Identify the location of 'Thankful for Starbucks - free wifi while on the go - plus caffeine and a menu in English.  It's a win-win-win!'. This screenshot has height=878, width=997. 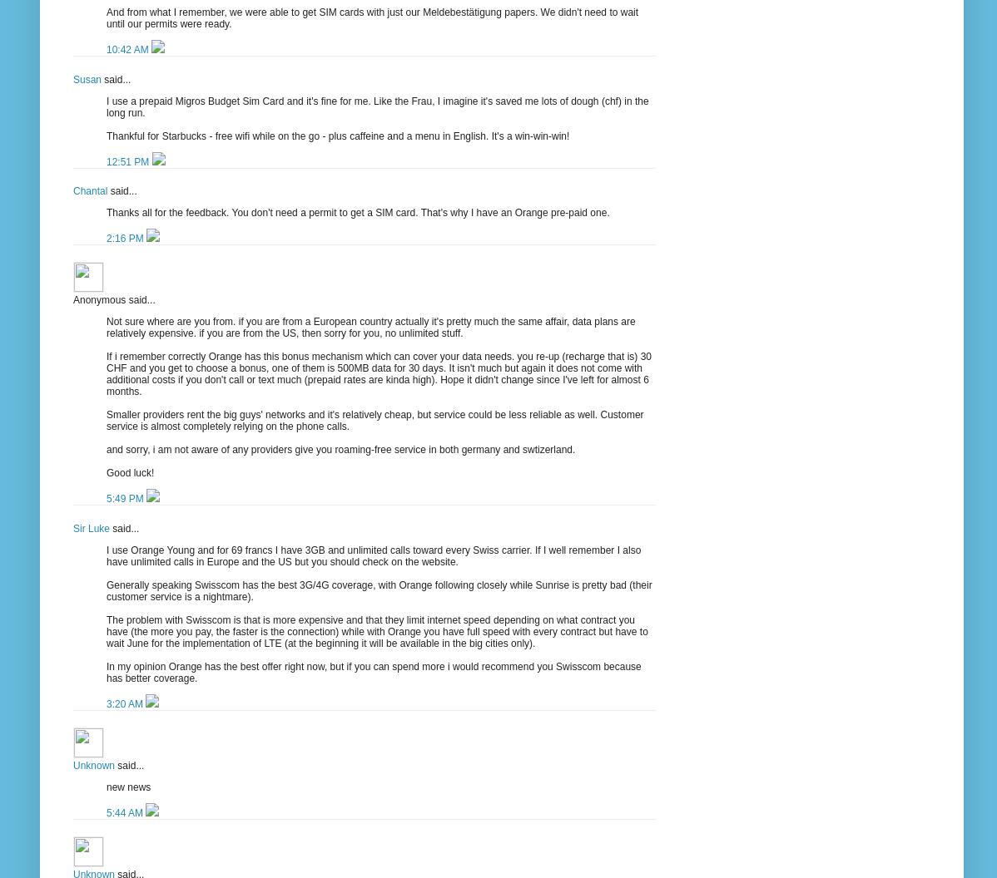
(338, 136).